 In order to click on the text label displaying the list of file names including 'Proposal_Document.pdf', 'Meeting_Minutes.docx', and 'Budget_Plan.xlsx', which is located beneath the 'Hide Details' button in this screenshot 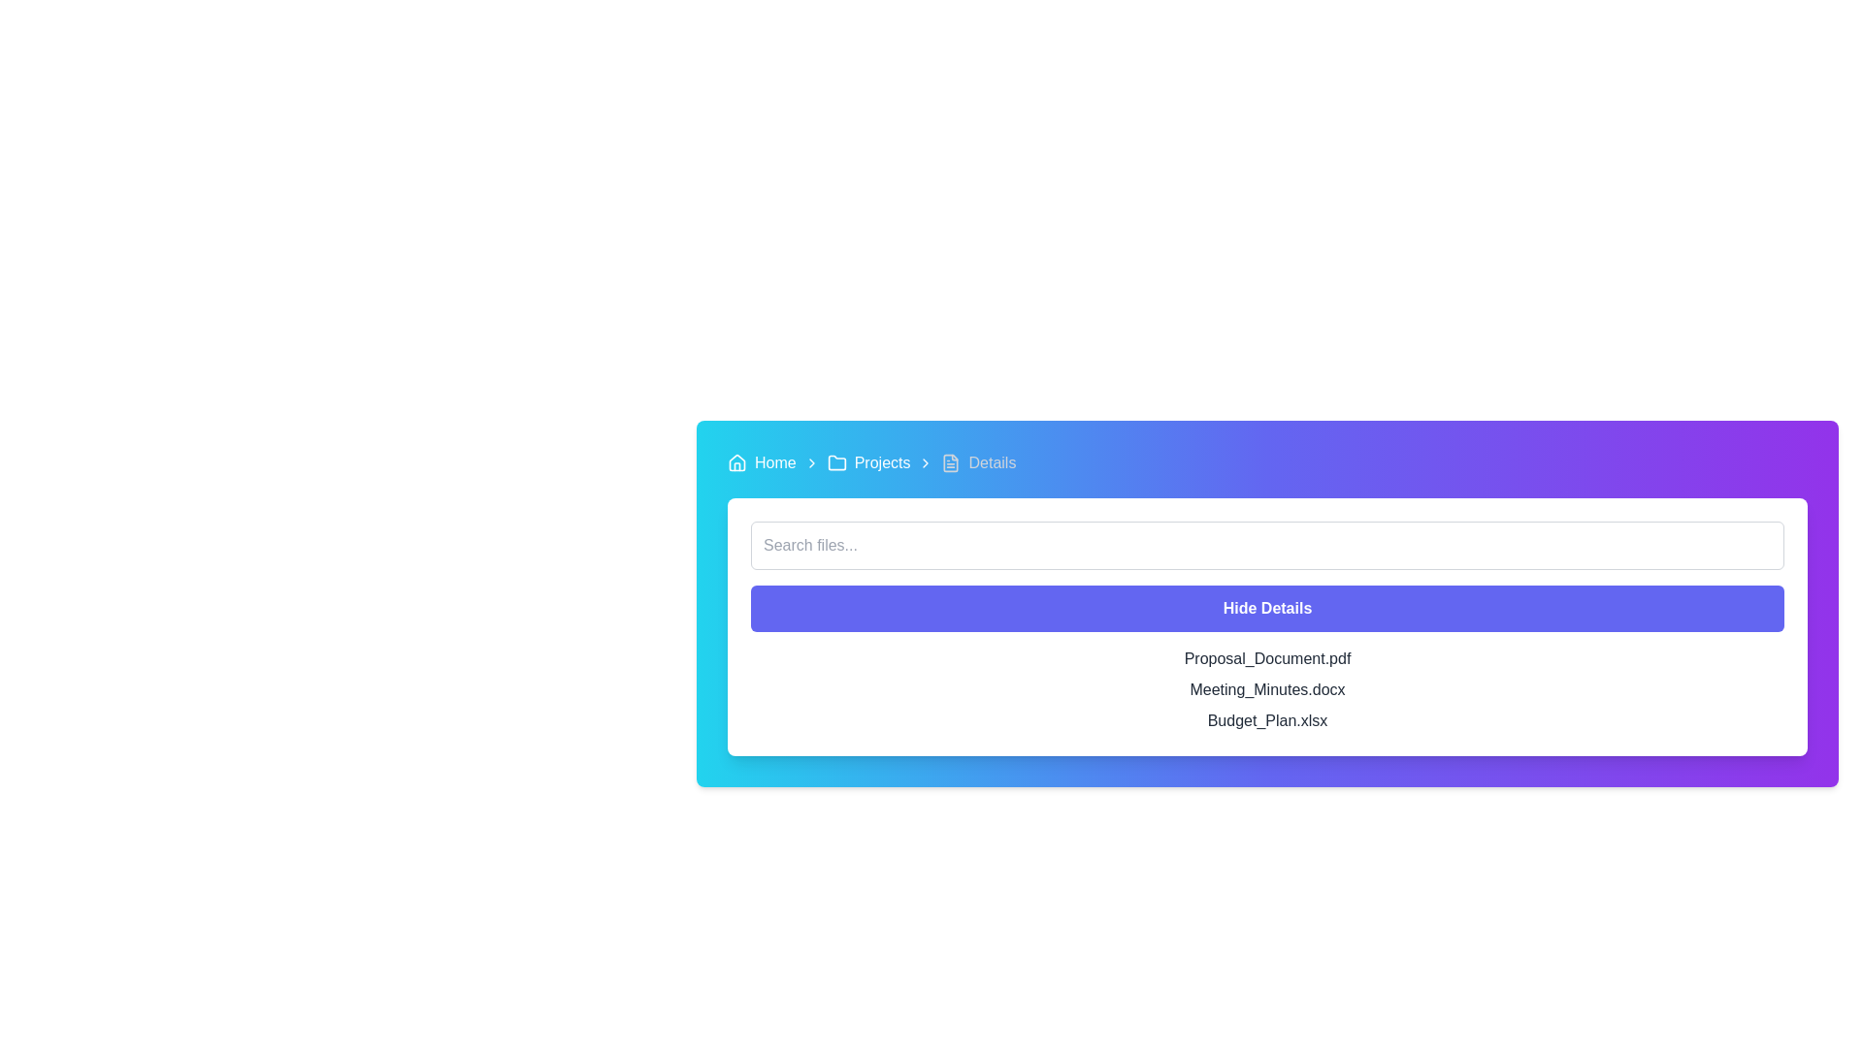, I will do `click(1267, 689)`.